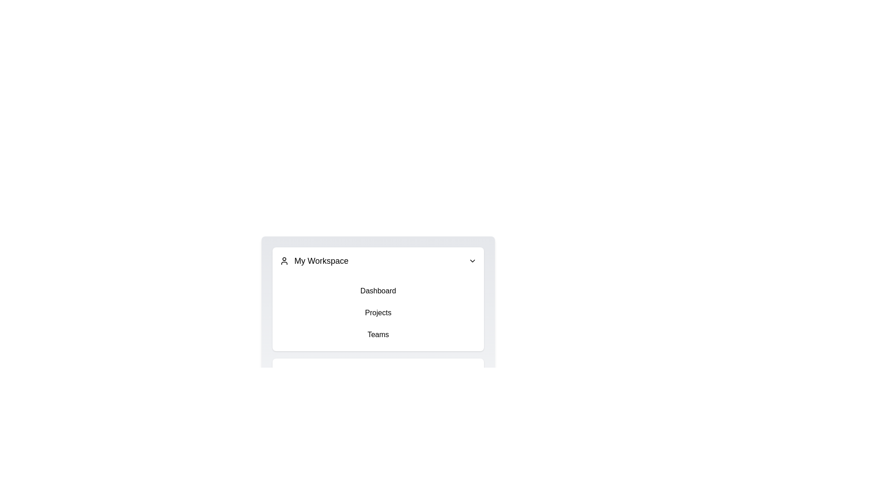 The width and height of the screenshot is (875, 492). I want to click on the menu item Projects in the ContextualMenu, so click(378, 312).